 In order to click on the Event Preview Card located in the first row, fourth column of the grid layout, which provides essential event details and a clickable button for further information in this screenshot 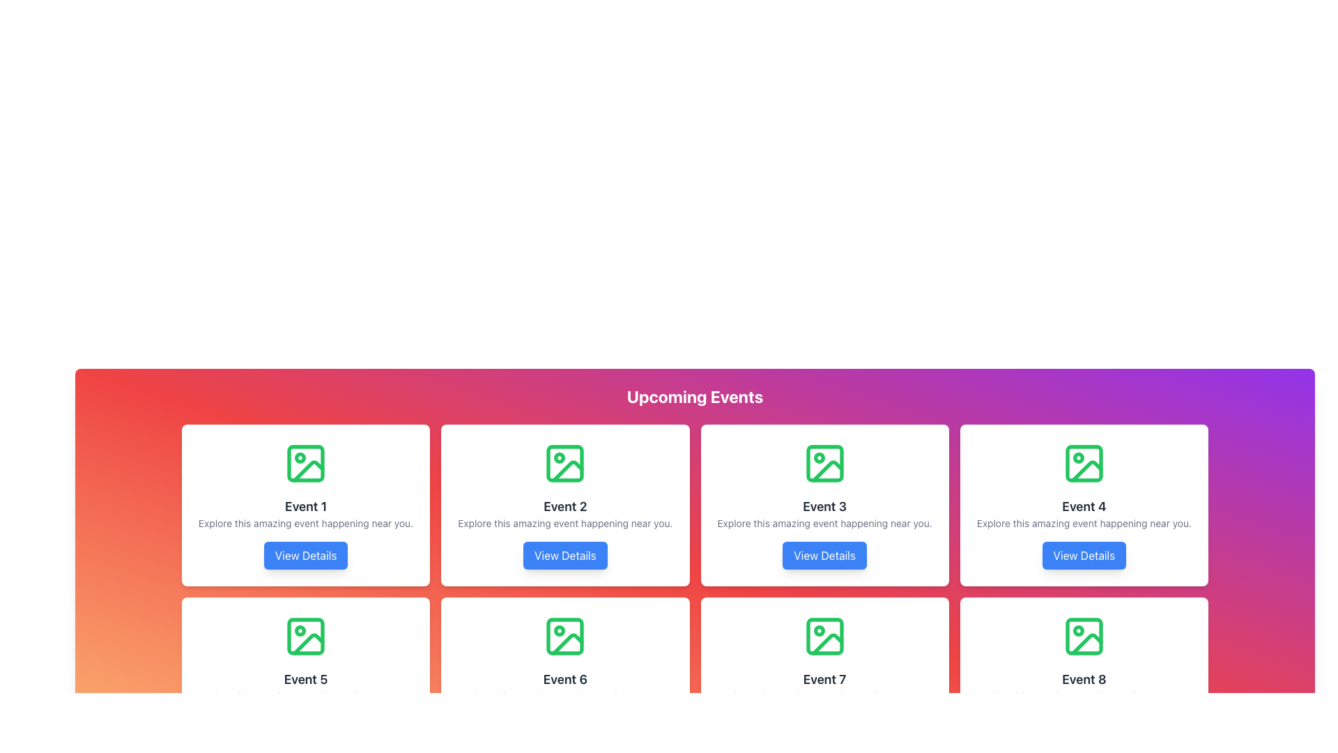, I will do `click(1083, 505)`.